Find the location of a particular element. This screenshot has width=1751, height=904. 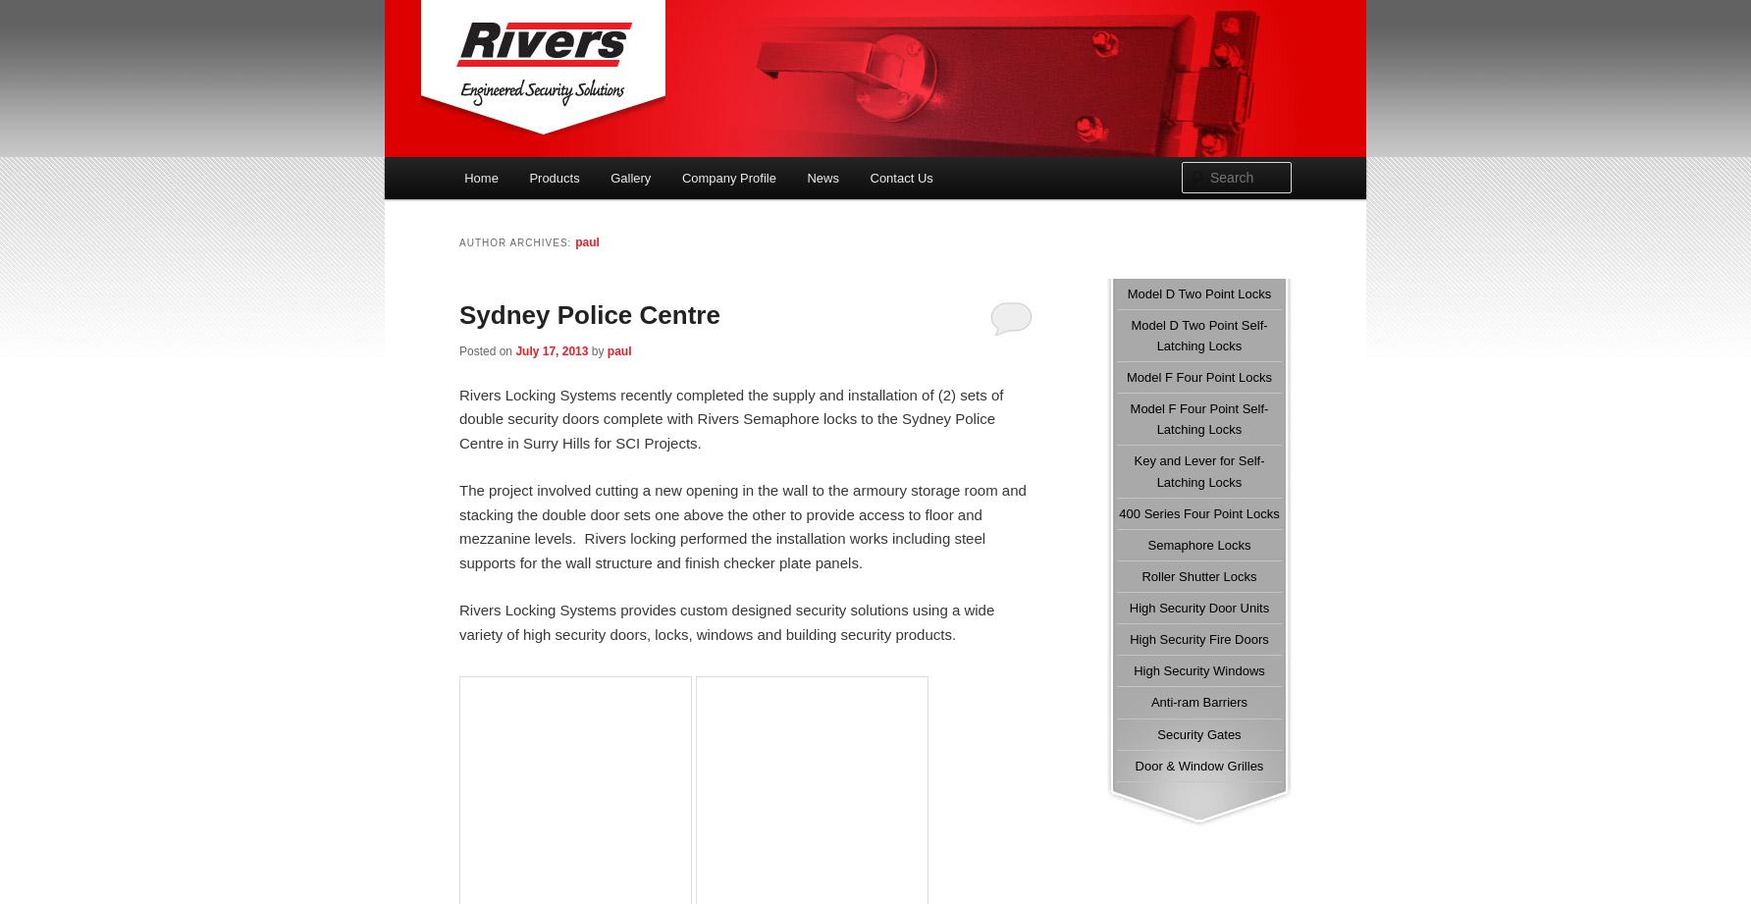

'Semaphore Locks' is located at coordinates (1198, 543).